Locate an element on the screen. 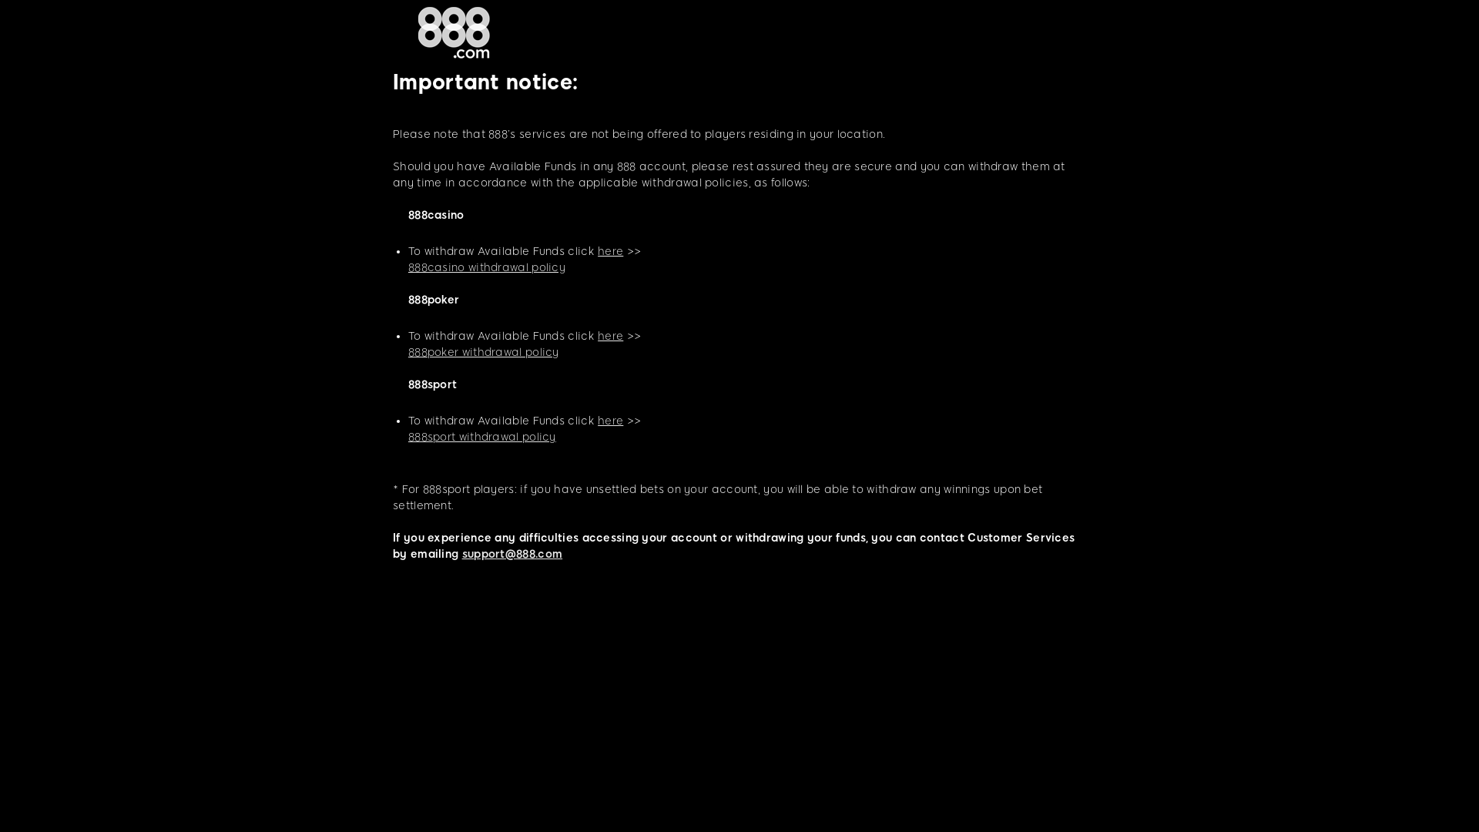 The height and width of the screenshot is (832, 1479). 'here' is located at coordinates (609, 421).